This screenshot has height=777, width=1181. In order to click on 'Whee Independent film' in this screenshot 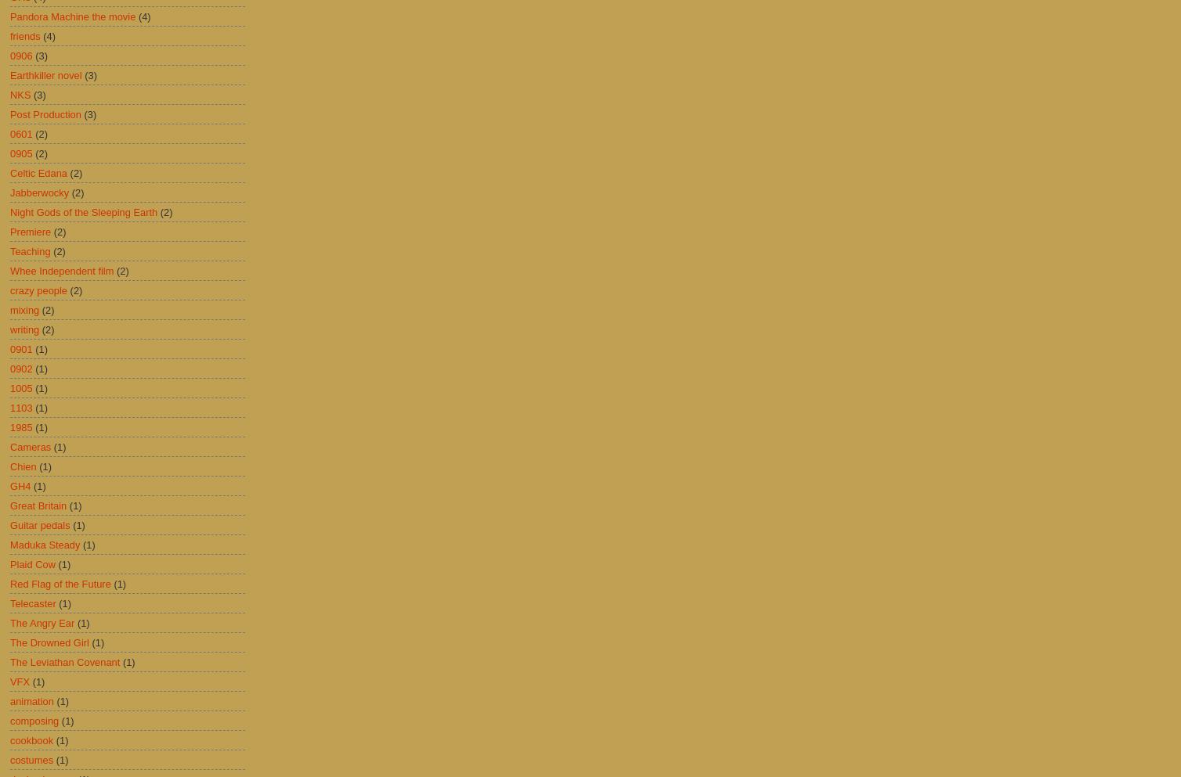, I will do `click(62, 270)`.